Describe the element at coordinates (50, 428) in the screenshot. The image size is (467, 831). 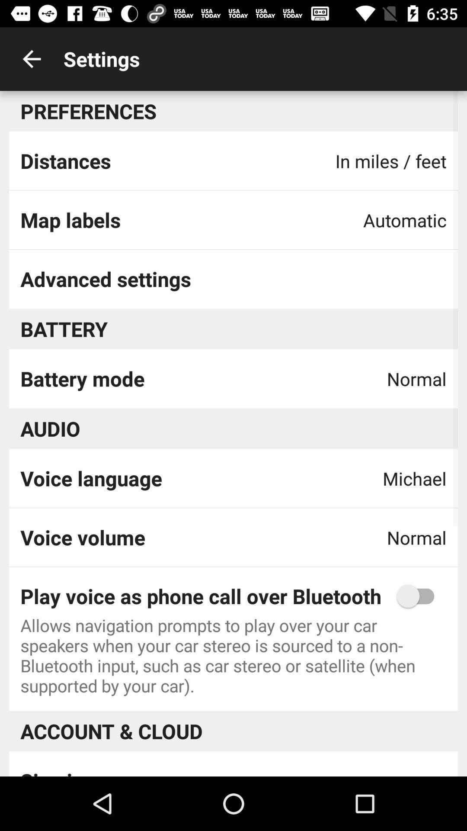
I see `the audio` at that location.